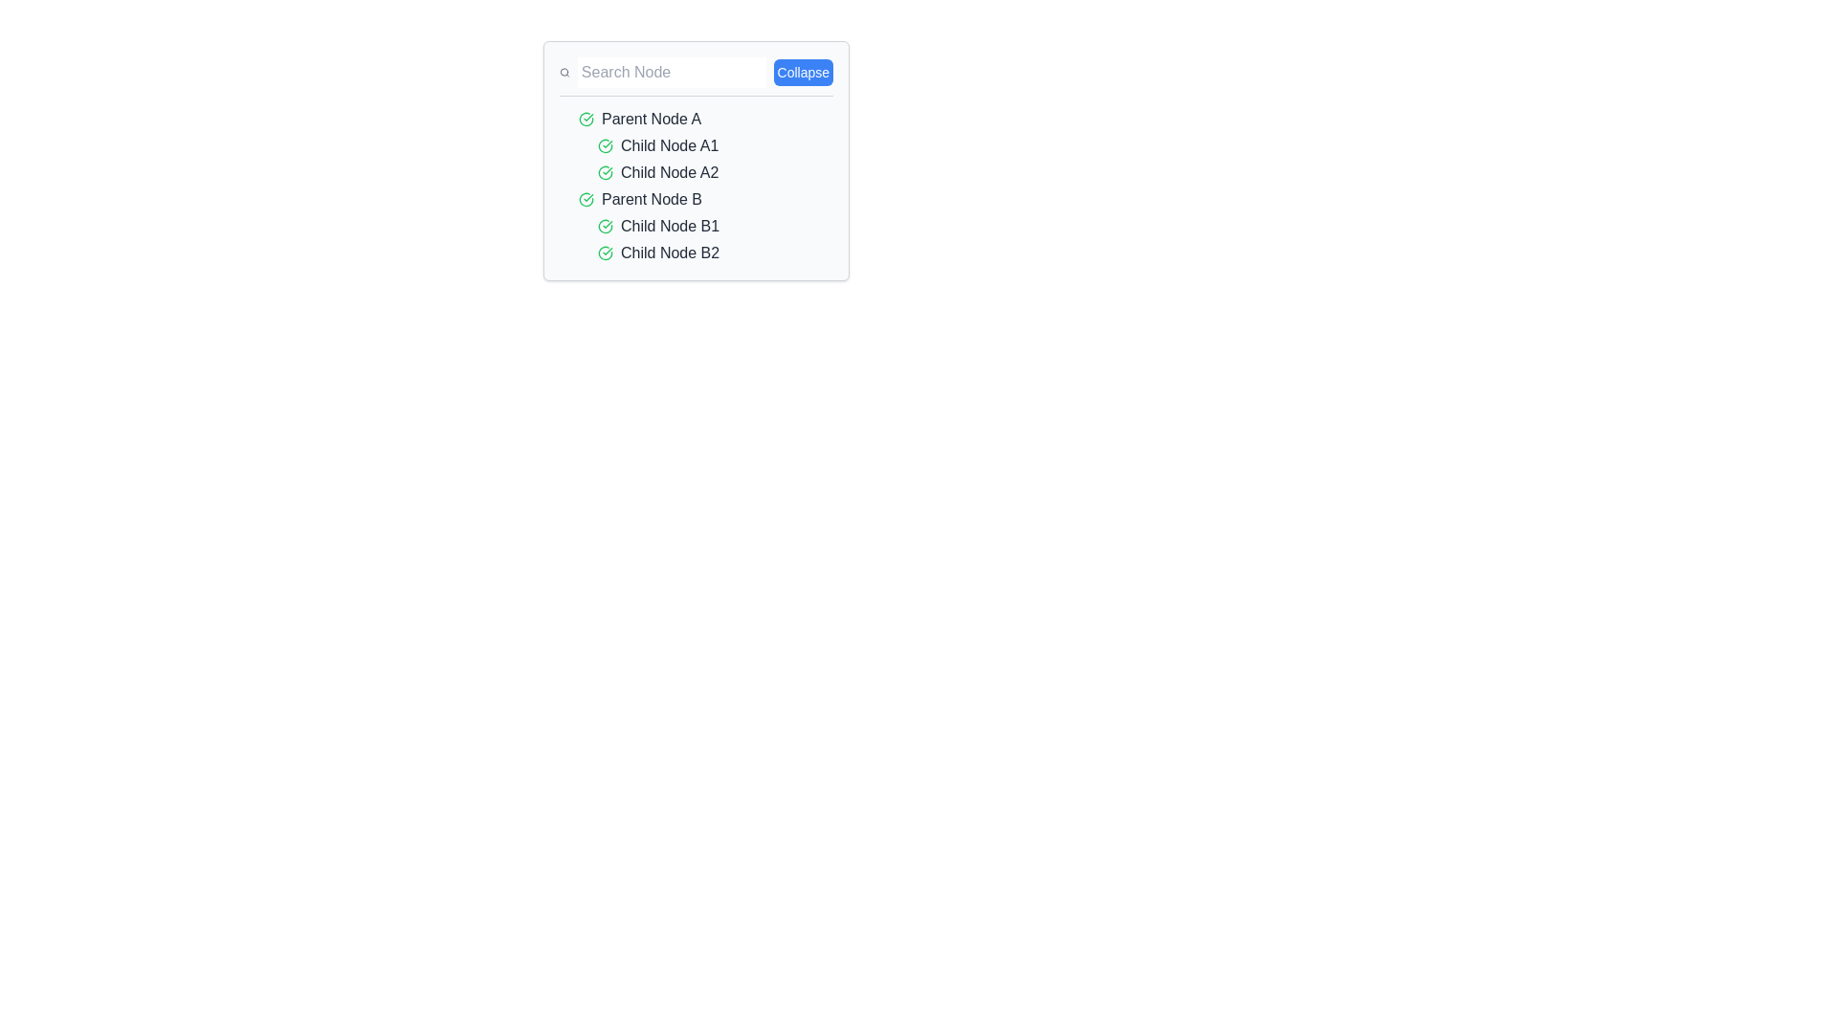  Describe the element at coordinates (803, 72) in the screenshot. I see `the 'Collapse' button, which is a rectangular button with white text on a blue background and rounded corners, located at the top-right corner of the layout` at that location.